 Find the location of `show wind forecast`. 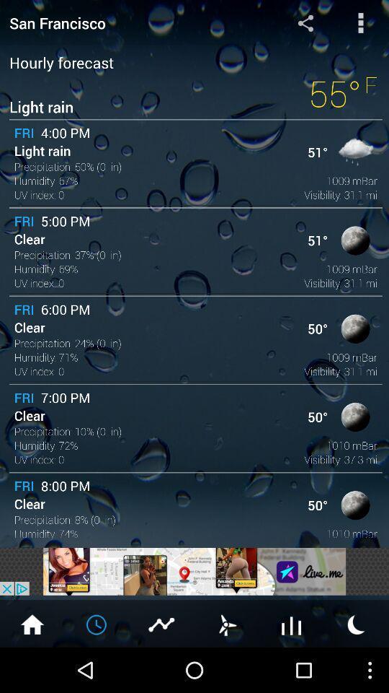

show wind forecast is located at coordinates (226, 623).